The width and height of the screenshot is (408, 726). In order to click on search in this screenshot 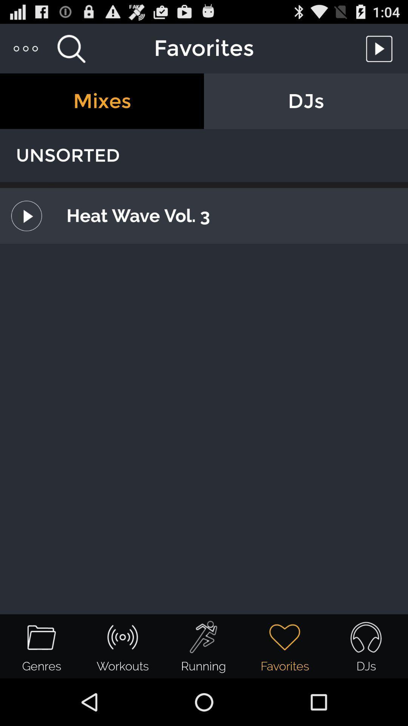, I will do `click(71, 48)`.